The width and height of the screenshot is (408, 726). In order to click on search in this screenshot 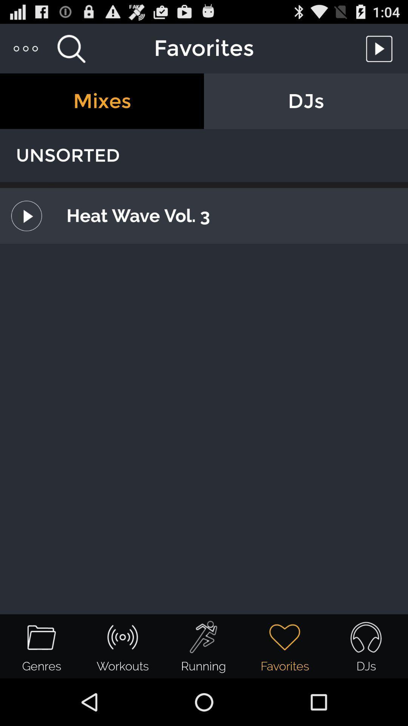, I will do `click(71, 48)`.